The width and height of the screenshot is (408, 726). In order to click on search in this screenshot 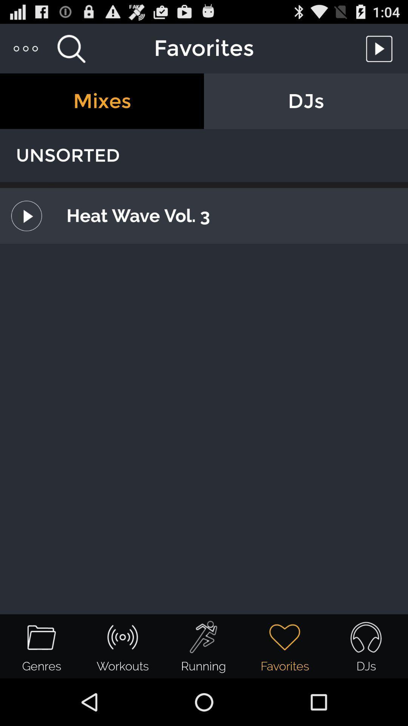, I will do `click(71, 48)`.